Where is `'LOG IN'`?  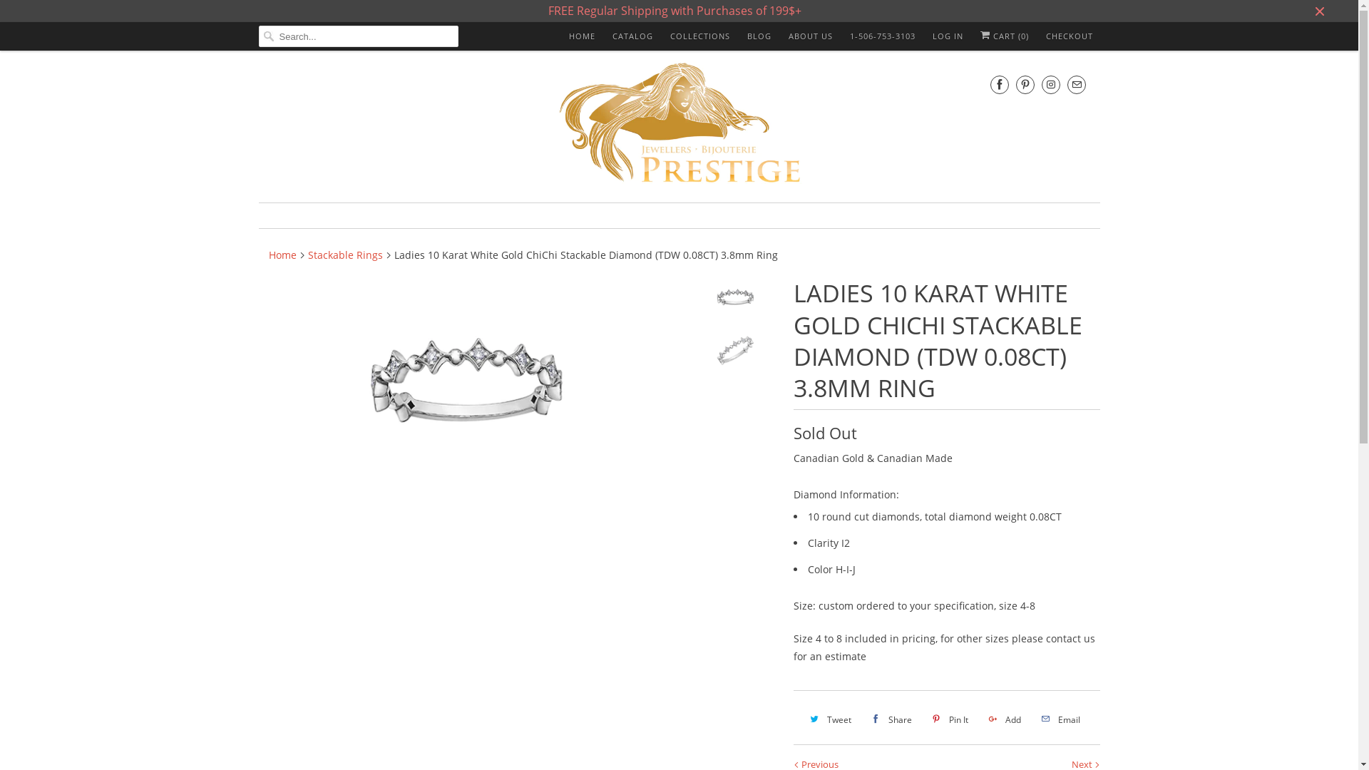
'LOG IN' is located at coordinates (948, 35).